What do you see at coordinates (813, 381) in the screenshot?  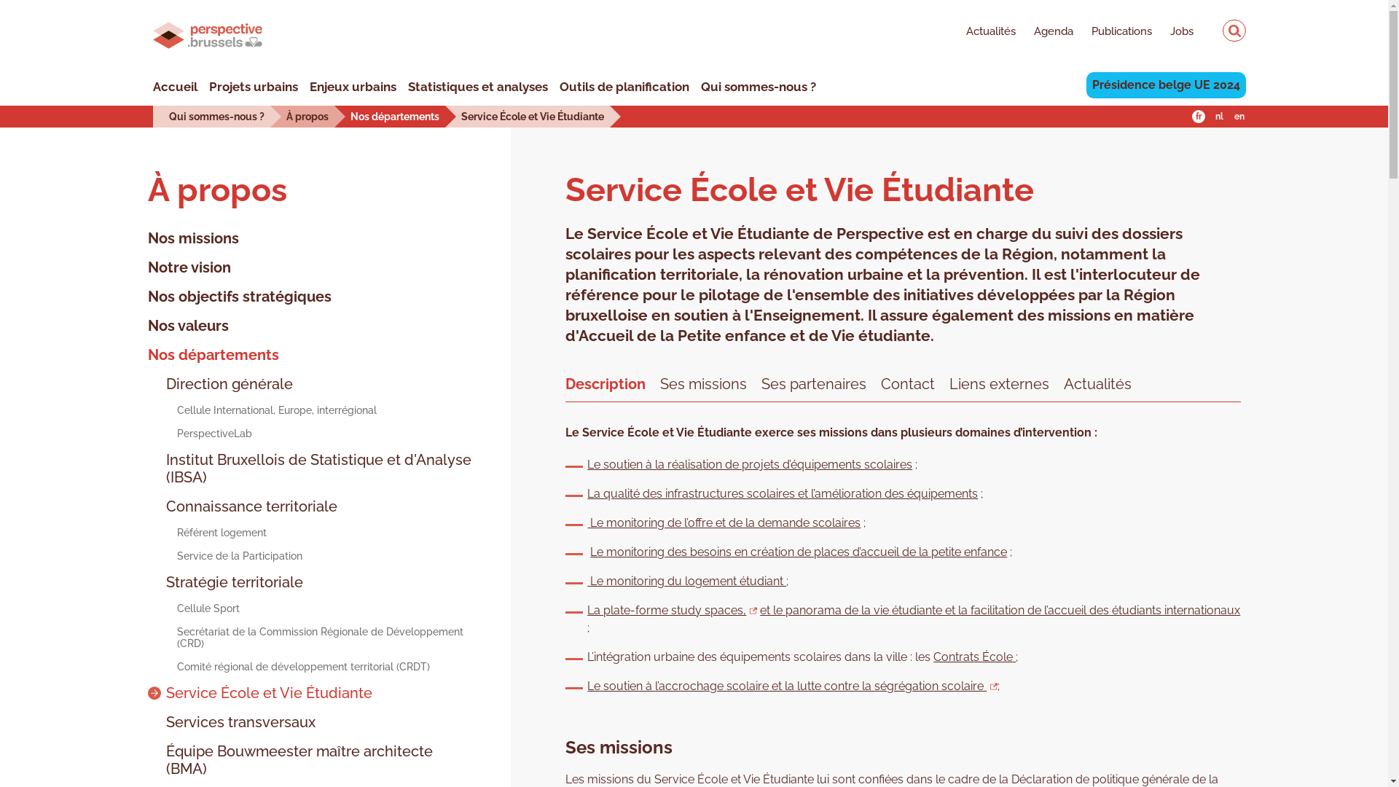 I see `'Ses partenaires'` at bounding box center [813, 381].